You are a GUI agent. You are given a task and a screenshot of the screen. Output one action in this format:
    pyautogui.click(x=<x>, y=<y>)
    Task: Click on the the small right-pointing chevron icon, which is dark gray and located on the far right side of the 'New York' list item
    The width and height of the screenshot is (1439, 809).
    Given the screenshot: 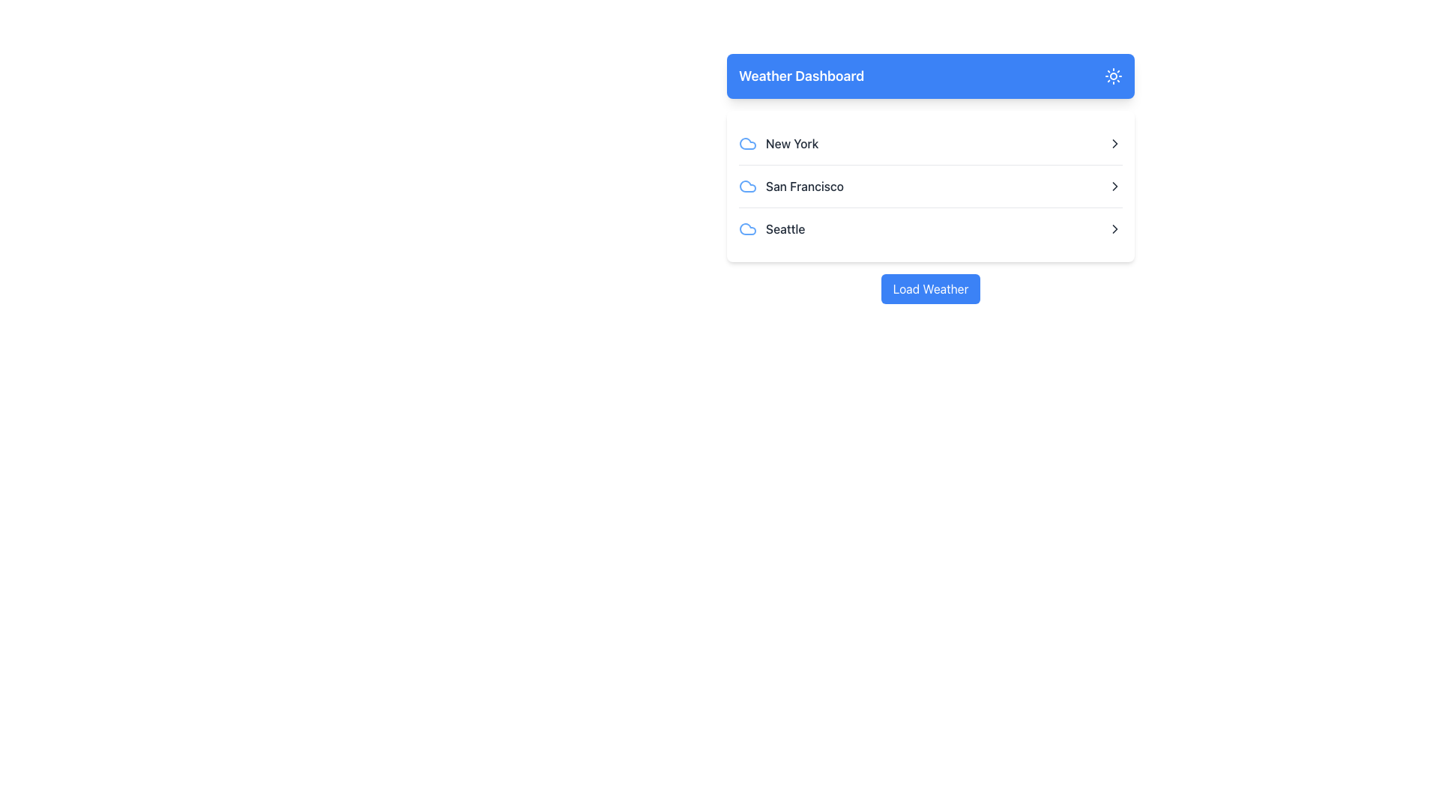 What is the action you would take?
    pyautogui.click(x=1115, y=144)
    